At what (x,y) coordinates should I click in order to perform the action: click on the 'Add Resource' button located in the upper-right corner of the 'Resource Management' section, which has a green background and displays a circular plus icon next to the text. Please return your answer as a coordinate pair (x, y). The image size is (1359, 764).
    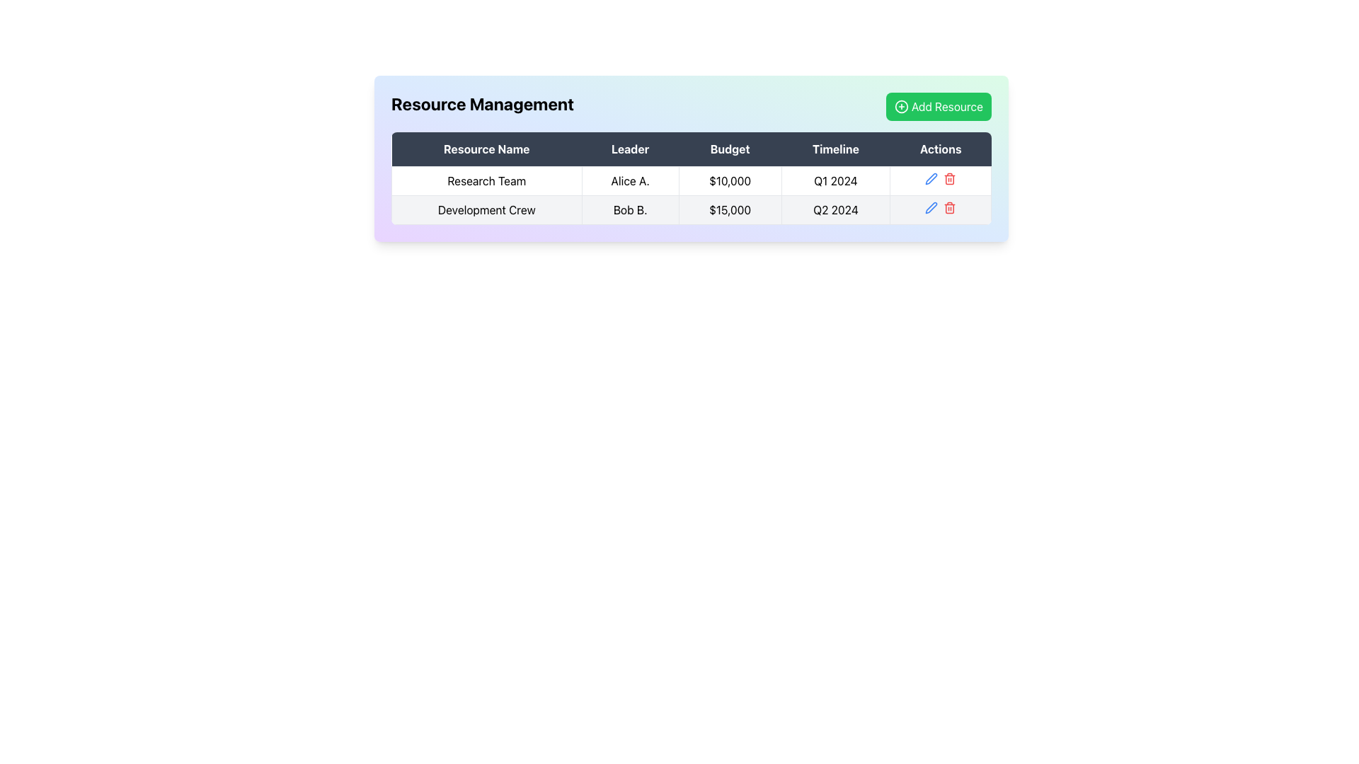
    Looking at the image, I should click on (939, 105).